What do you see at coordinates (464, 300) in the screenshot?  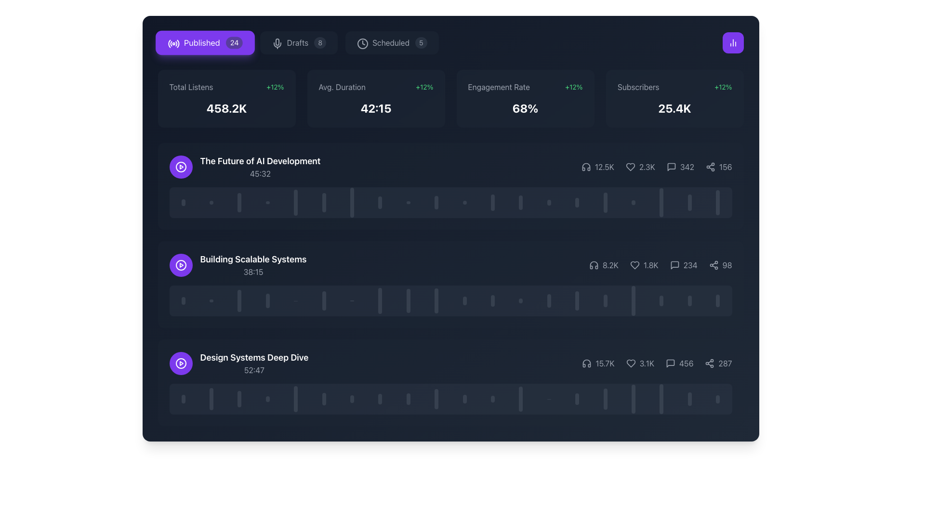 I see `the progress indicator positioned as the eleventh capsule in the second row under the 'Building Scalable Systems' section` at bounding box center [464, 300].